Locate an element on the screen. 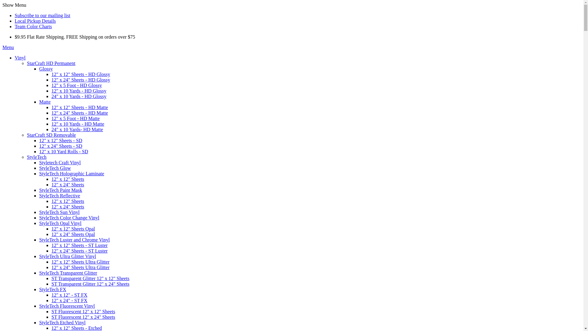 This screenshot has width=588, height=331. 'ST Transparent Glitter 12" x 24" Sheets' is located at coordinates (90, 284).